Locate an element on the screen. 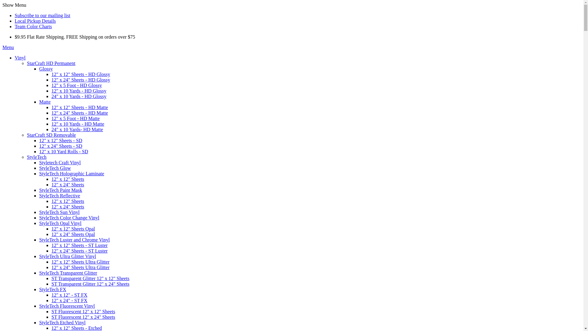 This screenshot has width=588, height=331. 'ST Transparent Glitter 12" x 24" Sheets' is located at coordinates (90, 284).